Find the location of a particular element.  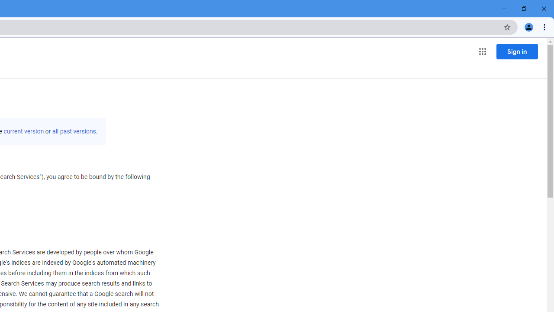

'all past versions' is located at coordinates (74, 131).